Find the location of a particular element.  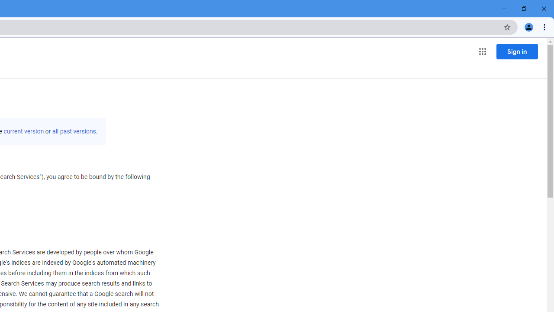

'all past versions' is located at coordinates (74, 131).